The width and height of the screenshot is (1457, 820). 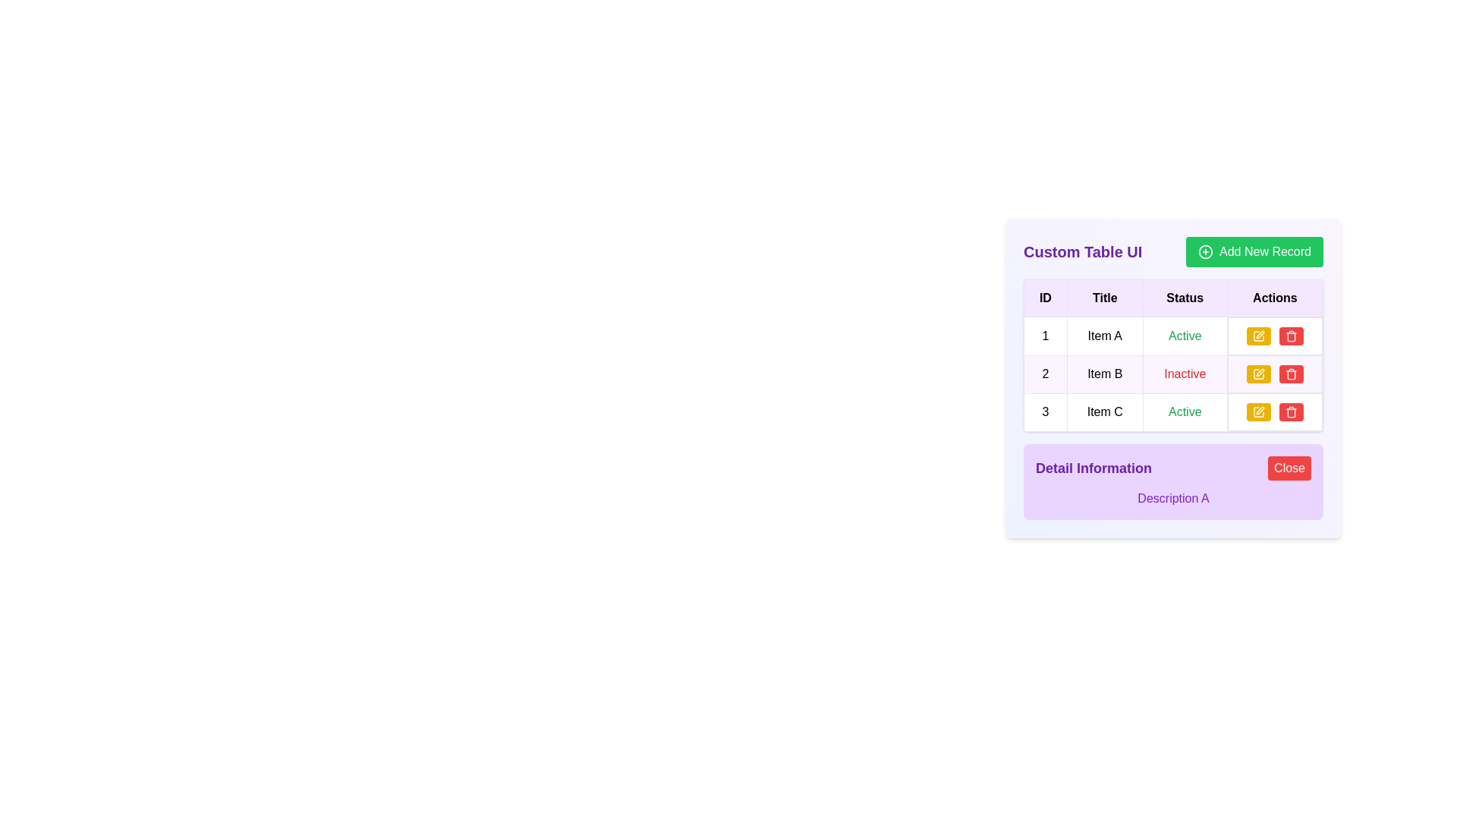 I want to click on the static text element displaying the ID of the second item in the 'Custom Table UI', located in the first column of the second row, so click(x=1044, y=374).